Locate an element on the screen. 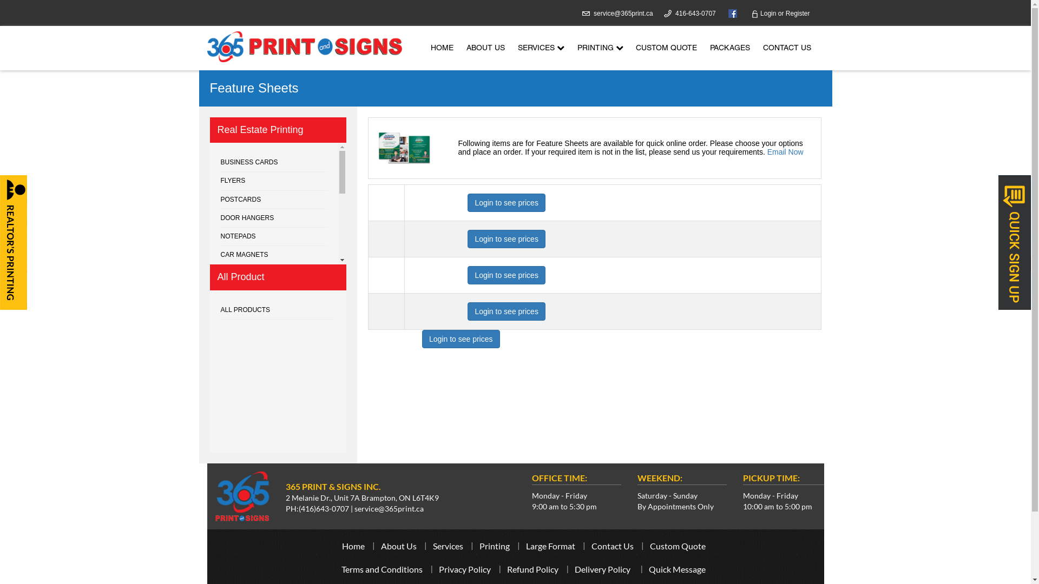 Image resolution: width=1039 pixels, height=584 pixels. 'Delivery Policy' is located at coordinates (574, 568).